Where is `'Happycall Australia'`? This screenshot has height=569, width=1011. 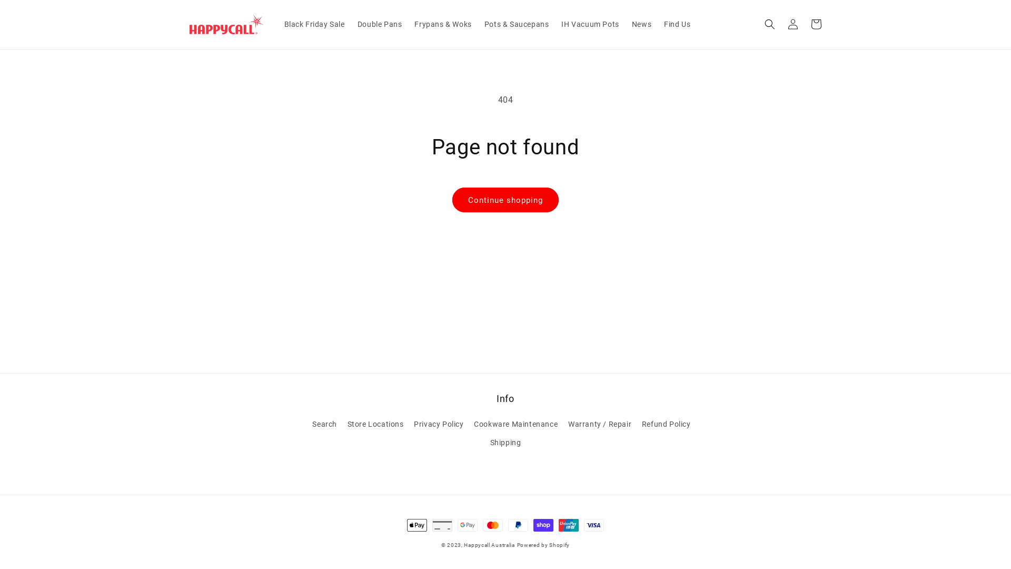
'Happycall Australia' is located at coordinates (463, 545).